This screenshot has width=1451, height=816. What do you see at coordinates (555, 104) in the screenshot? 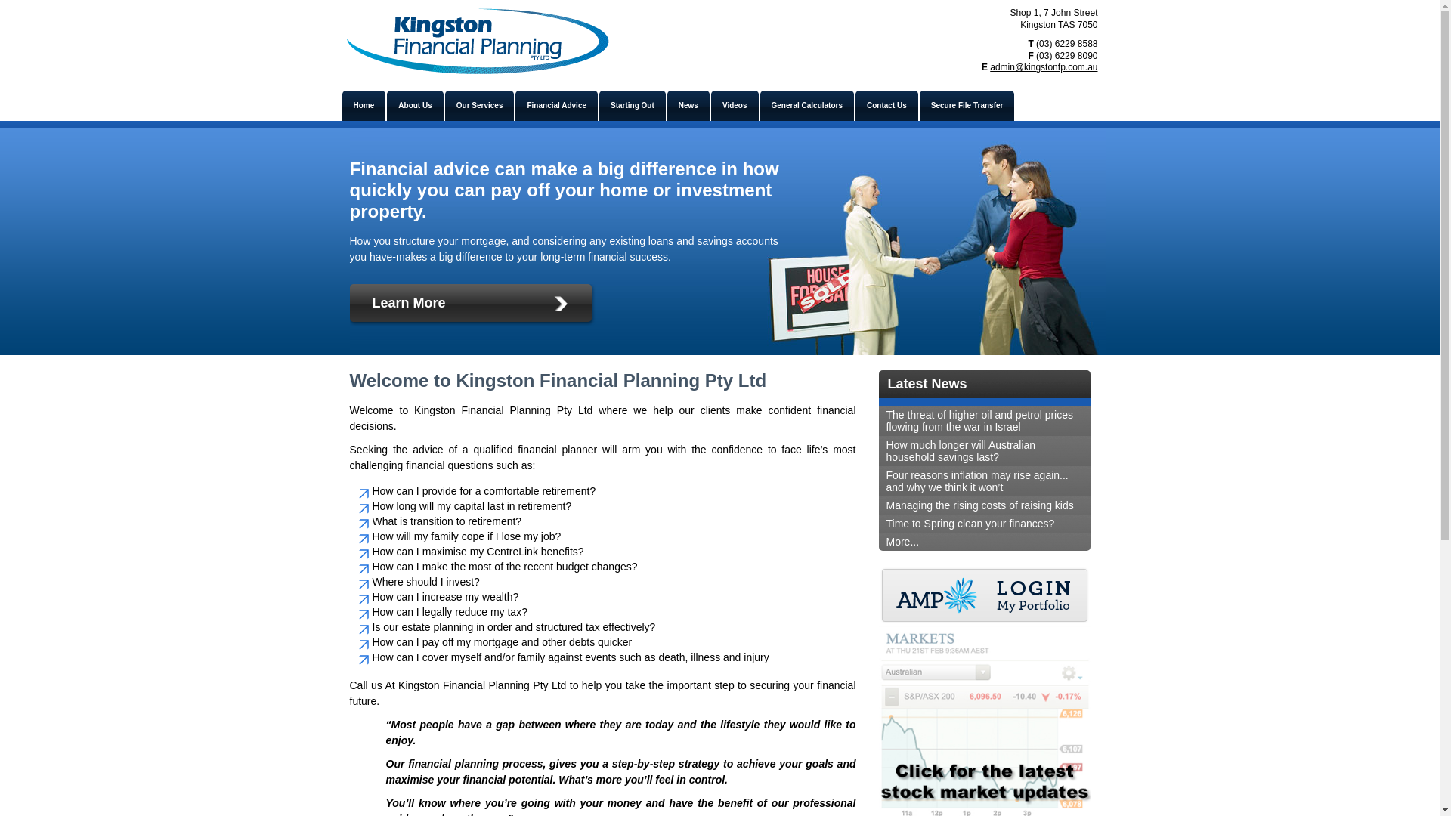
I see `'Financial Advice'` at bounding box center [555, 104].